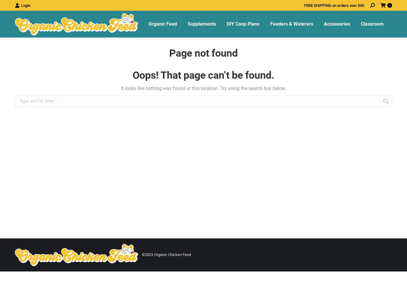  I want to click on 'Brooders', so click(332, 92).